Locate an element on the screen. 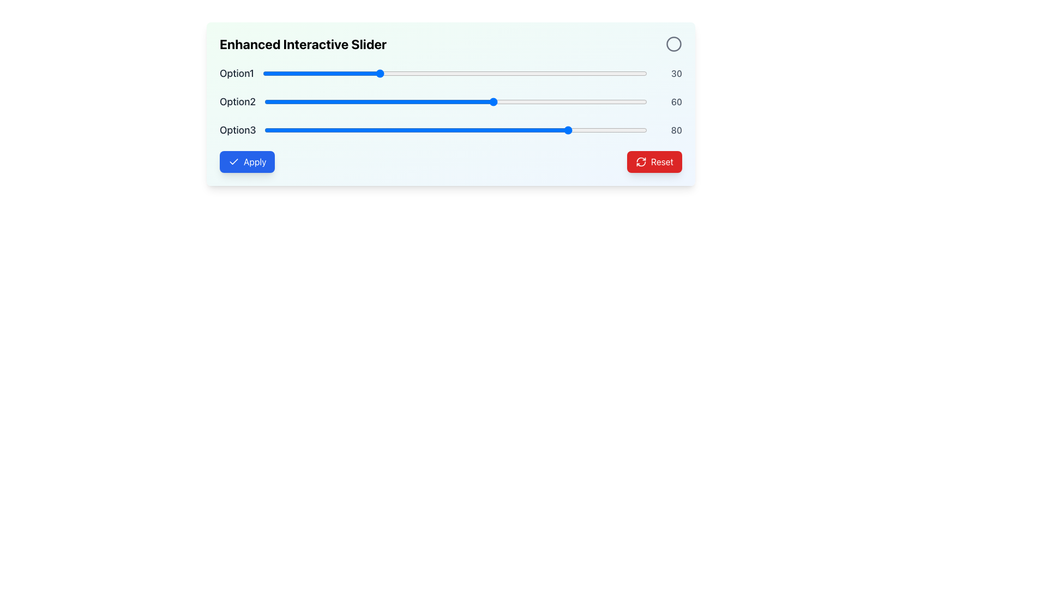  the interactive slider for 'Option1' is located at coordinates (450, 74).